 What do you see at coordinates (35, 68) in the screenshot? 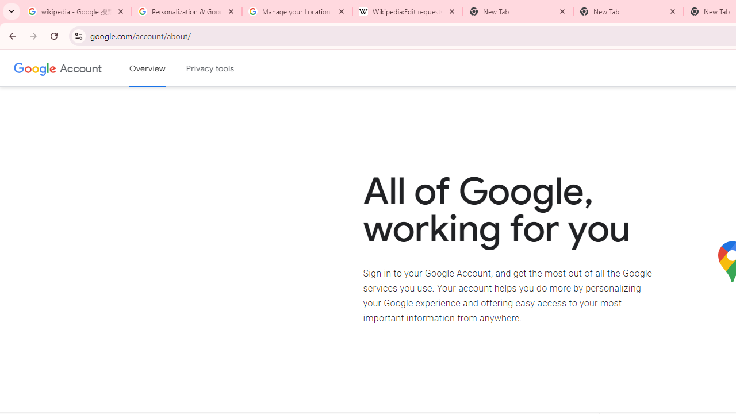
I see `'Google logo'` at bounding box center [35, 68].